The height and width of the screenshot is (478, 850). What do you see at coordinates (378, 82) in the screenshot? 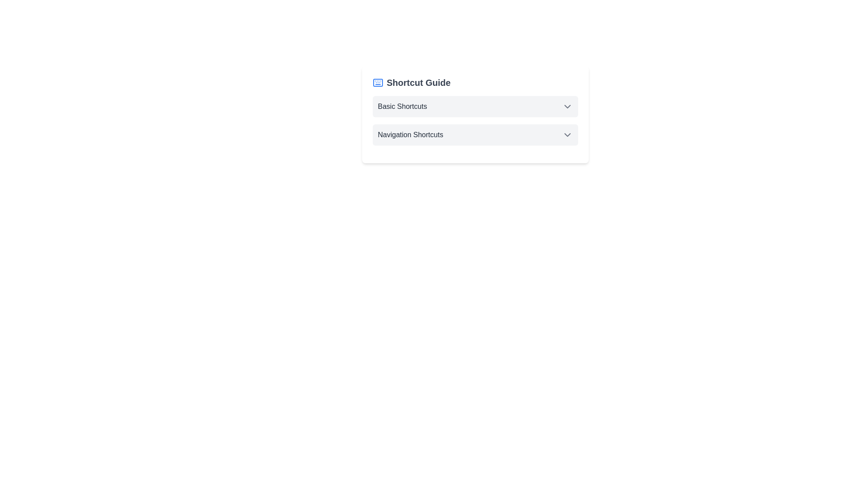
I see `the blue rounded rectangle located near the header title 'Shortcut Guide' in the icon area of the guide modal` at bounding box center [378, 82].